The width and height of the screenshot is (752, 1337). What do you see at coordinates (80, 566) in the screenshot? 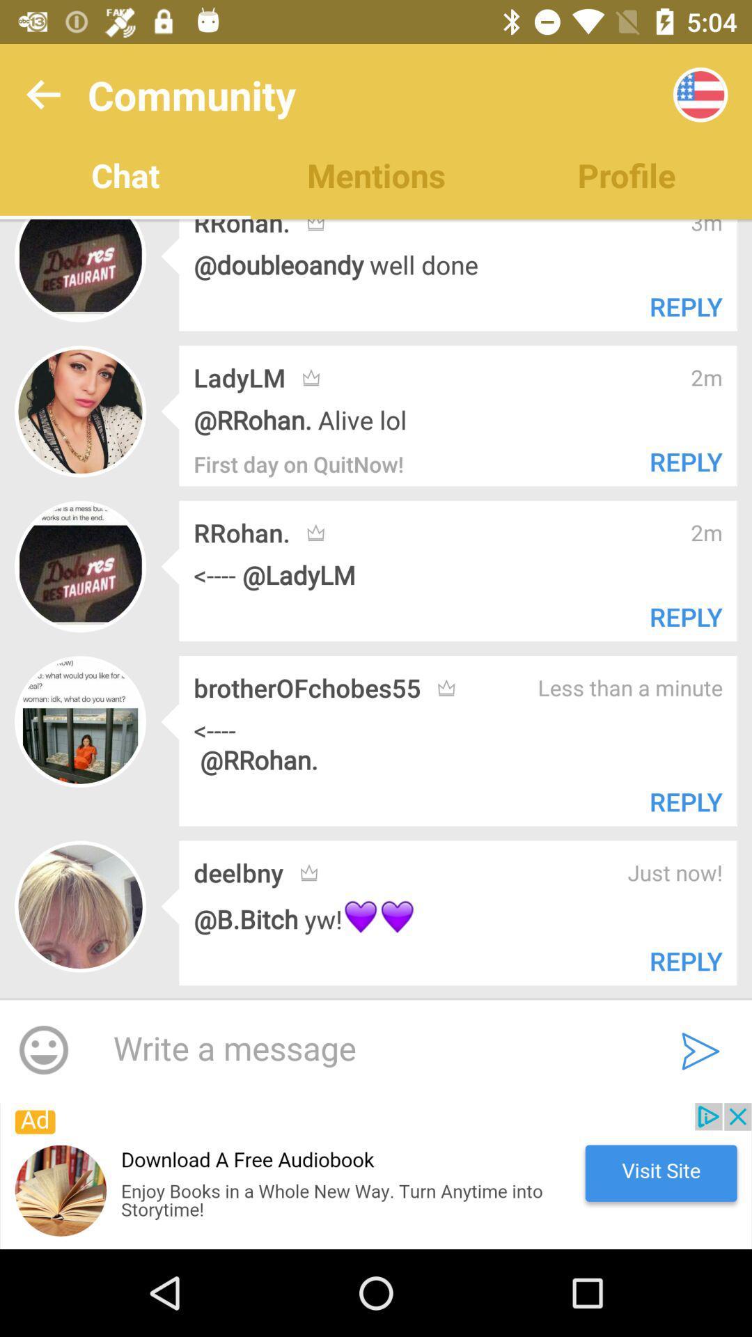
I see `the third row profile picture` at bounding box center [80, 566].